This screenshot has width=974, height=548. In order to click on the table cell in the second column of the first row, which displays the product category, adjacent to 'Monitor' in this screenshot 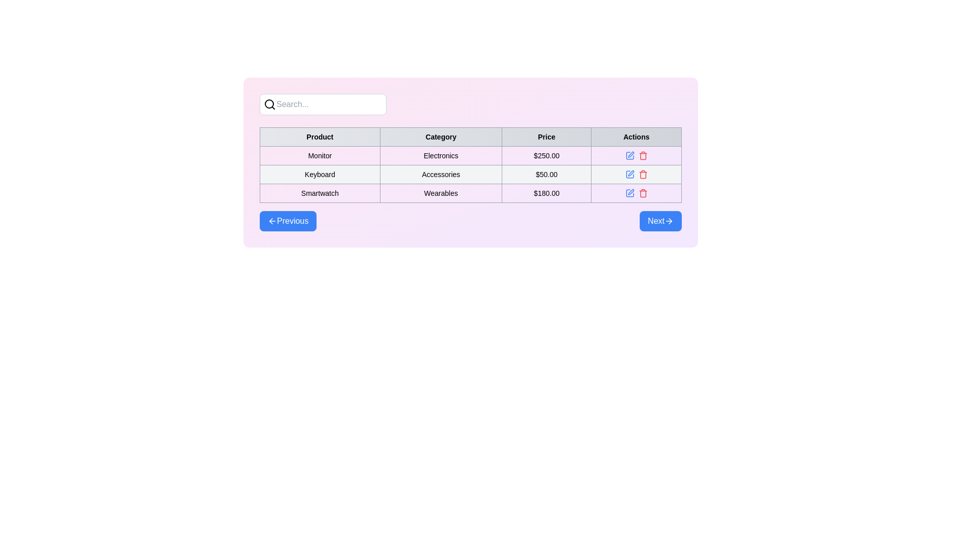, I will do `click(441, 156)`.